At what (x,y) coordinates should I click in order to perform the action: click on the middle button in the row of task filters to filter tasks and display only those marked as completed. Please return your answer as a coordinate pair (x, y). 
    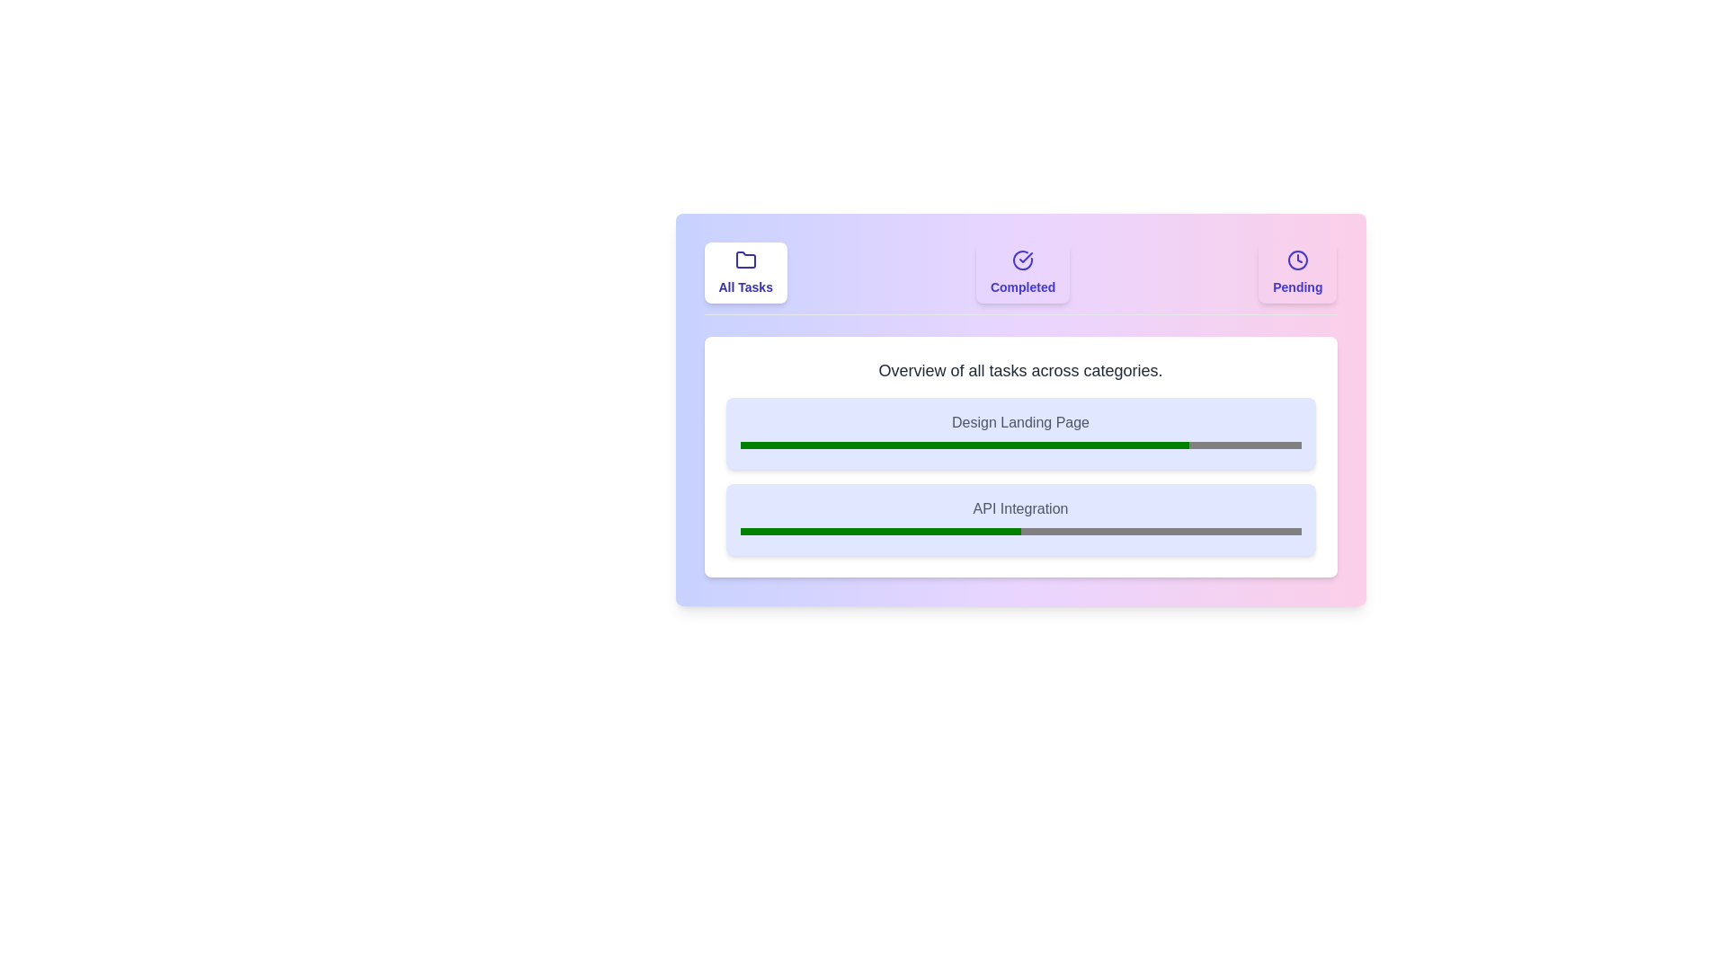
    Looking at the image, I should click on (1020, 278).